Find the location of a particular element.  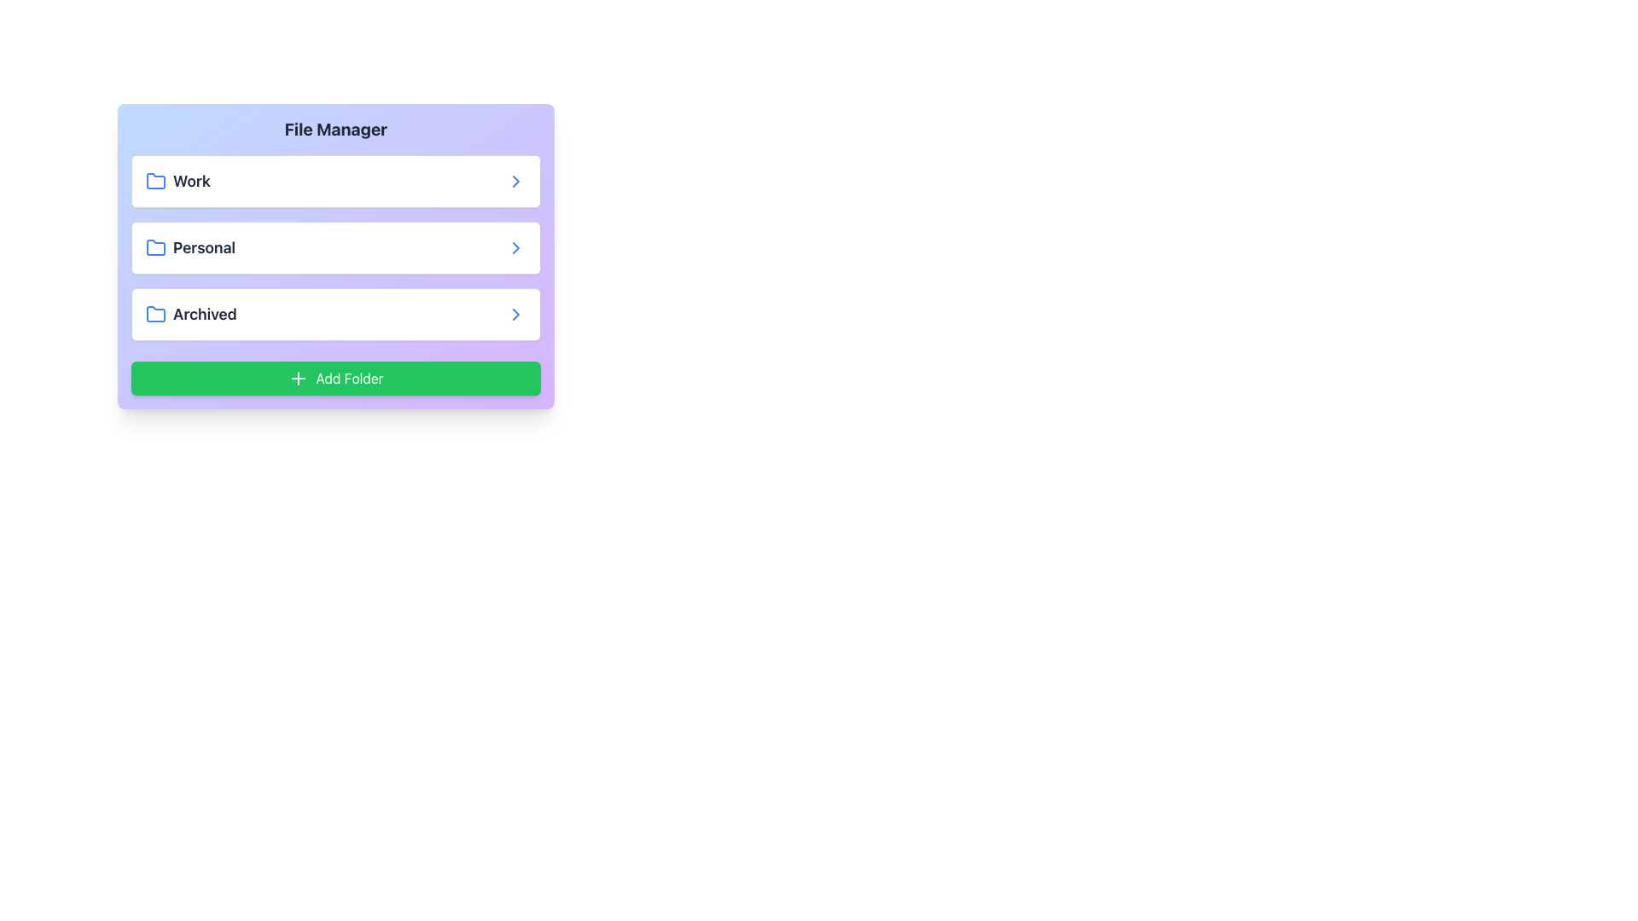

the 'Add Folder' button which contains the 'plus' sign icon, located at the bottom-center of the interface is located at coordinates (299, 377).